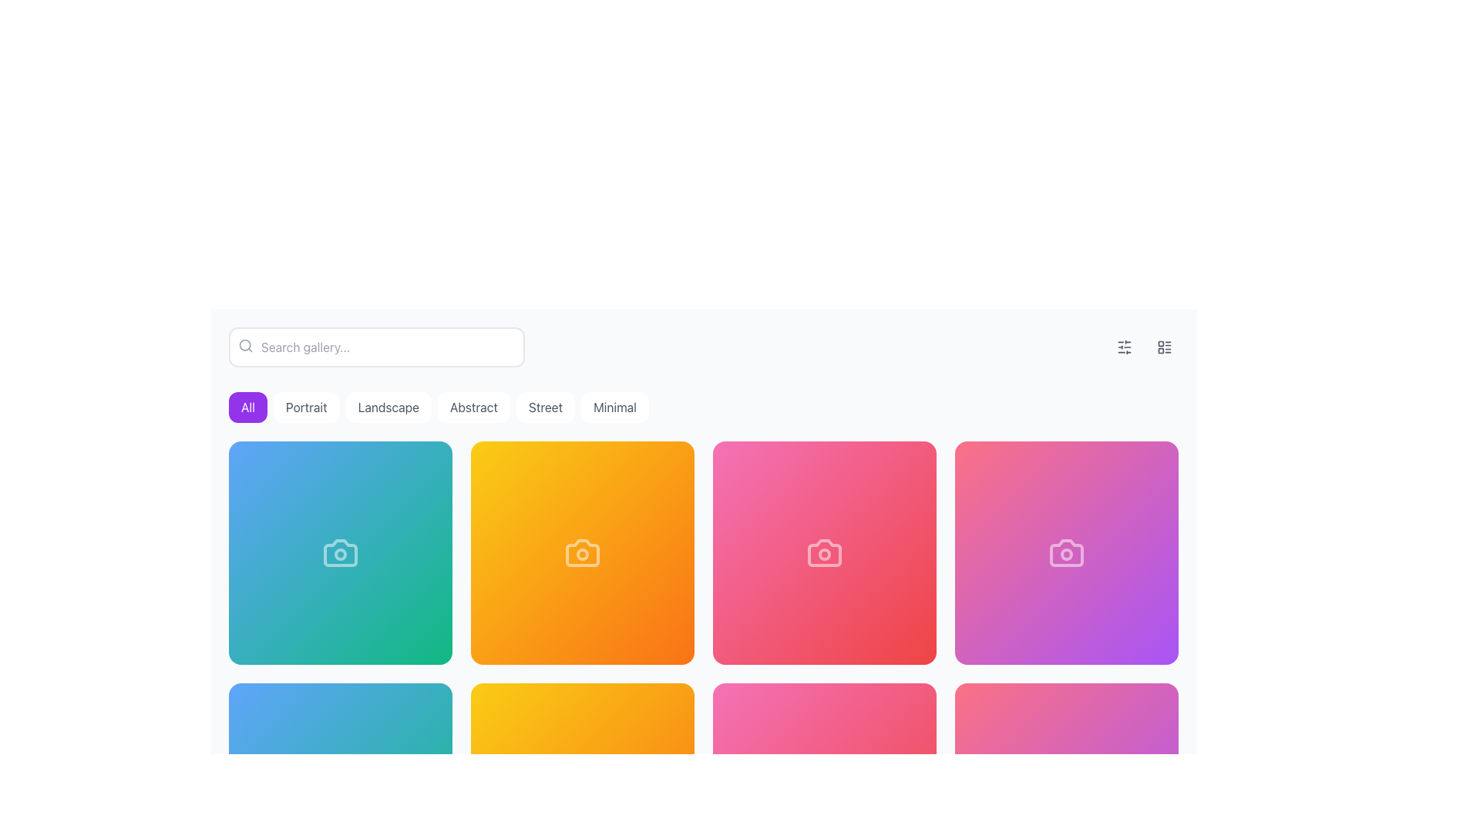 The width and height of the screenshot is (1480, 832). Describe the element at coordinates (1125, 347) in the screenshot. I see `the gray-themed rounded rectangular button with a horizontal sliders icon located at the top-right side of the layout` at that location.